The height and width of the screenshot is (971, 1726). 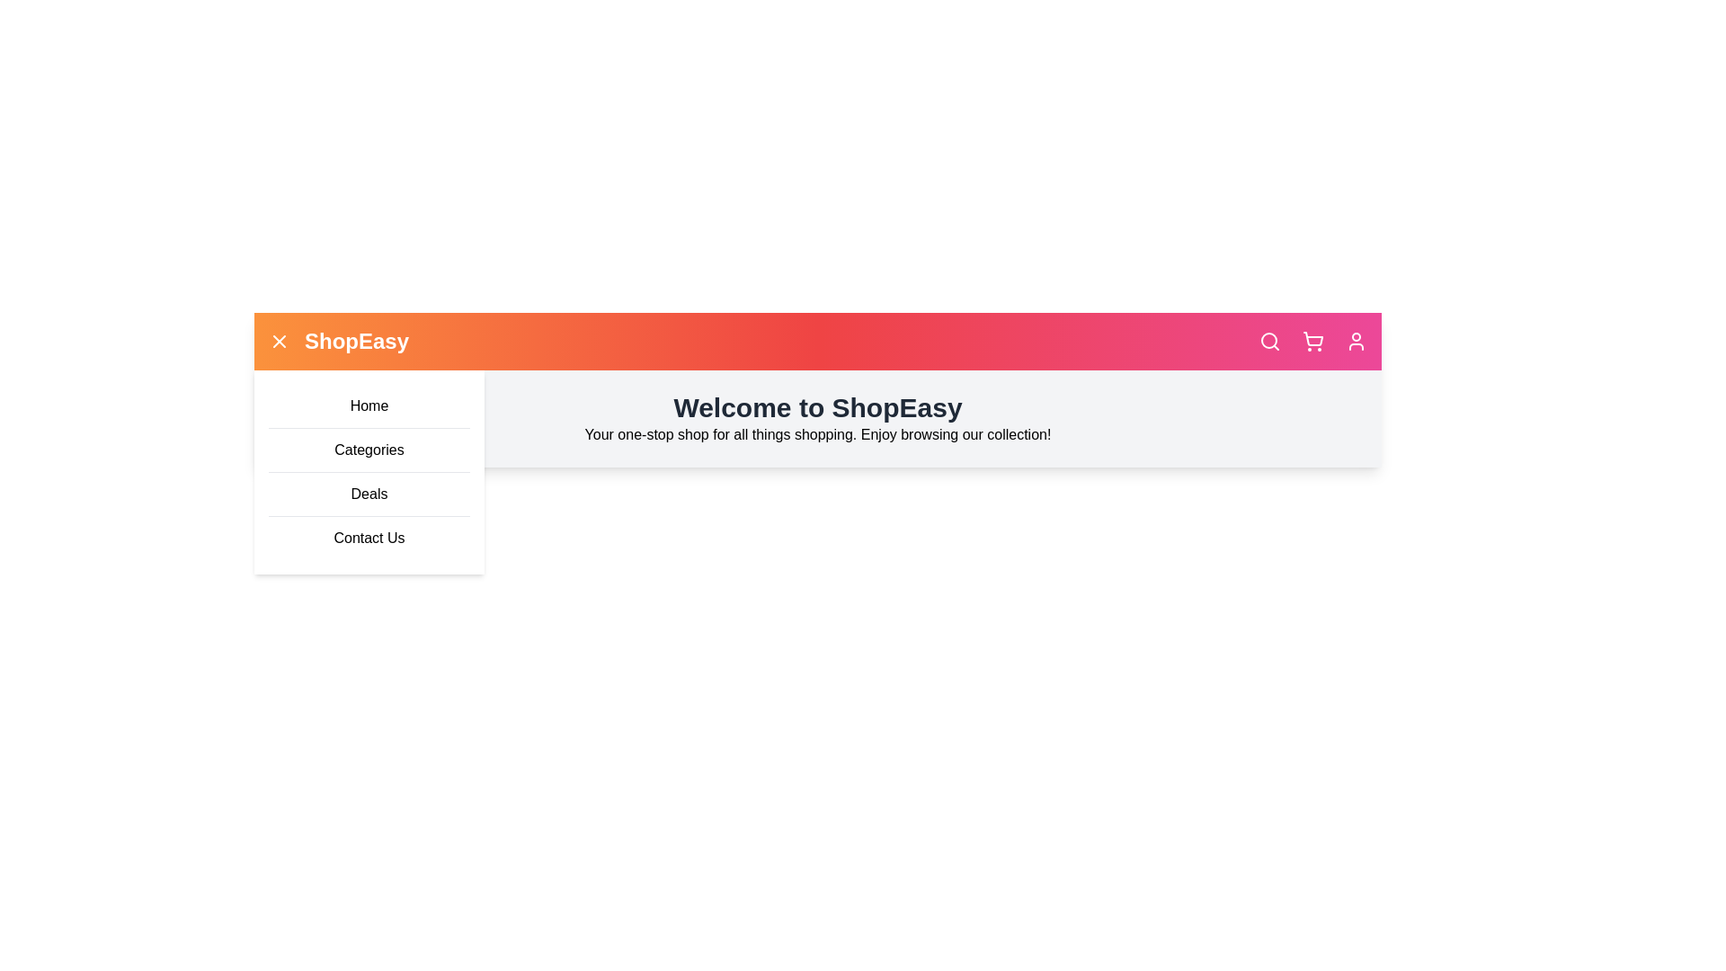 What do you see at coordinates (1356, 342) in the screenshot?
I see `the user profile icon button, which is the rightmost icon in the header bar` at bounding box center [1356, 342].